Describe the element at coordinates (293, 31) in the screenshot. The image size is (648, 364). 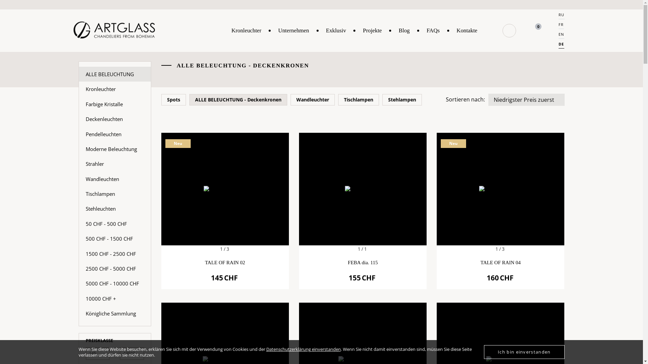
I see `'Unternehmen'` at that location.